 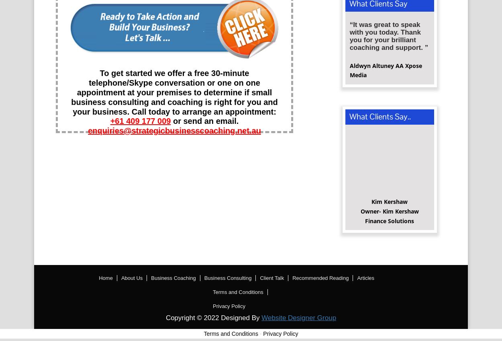 What do you see at coordinates (140, 123) in the screenshot?
I see `'+61 409 177 009'` at bounding box center [140, 123].